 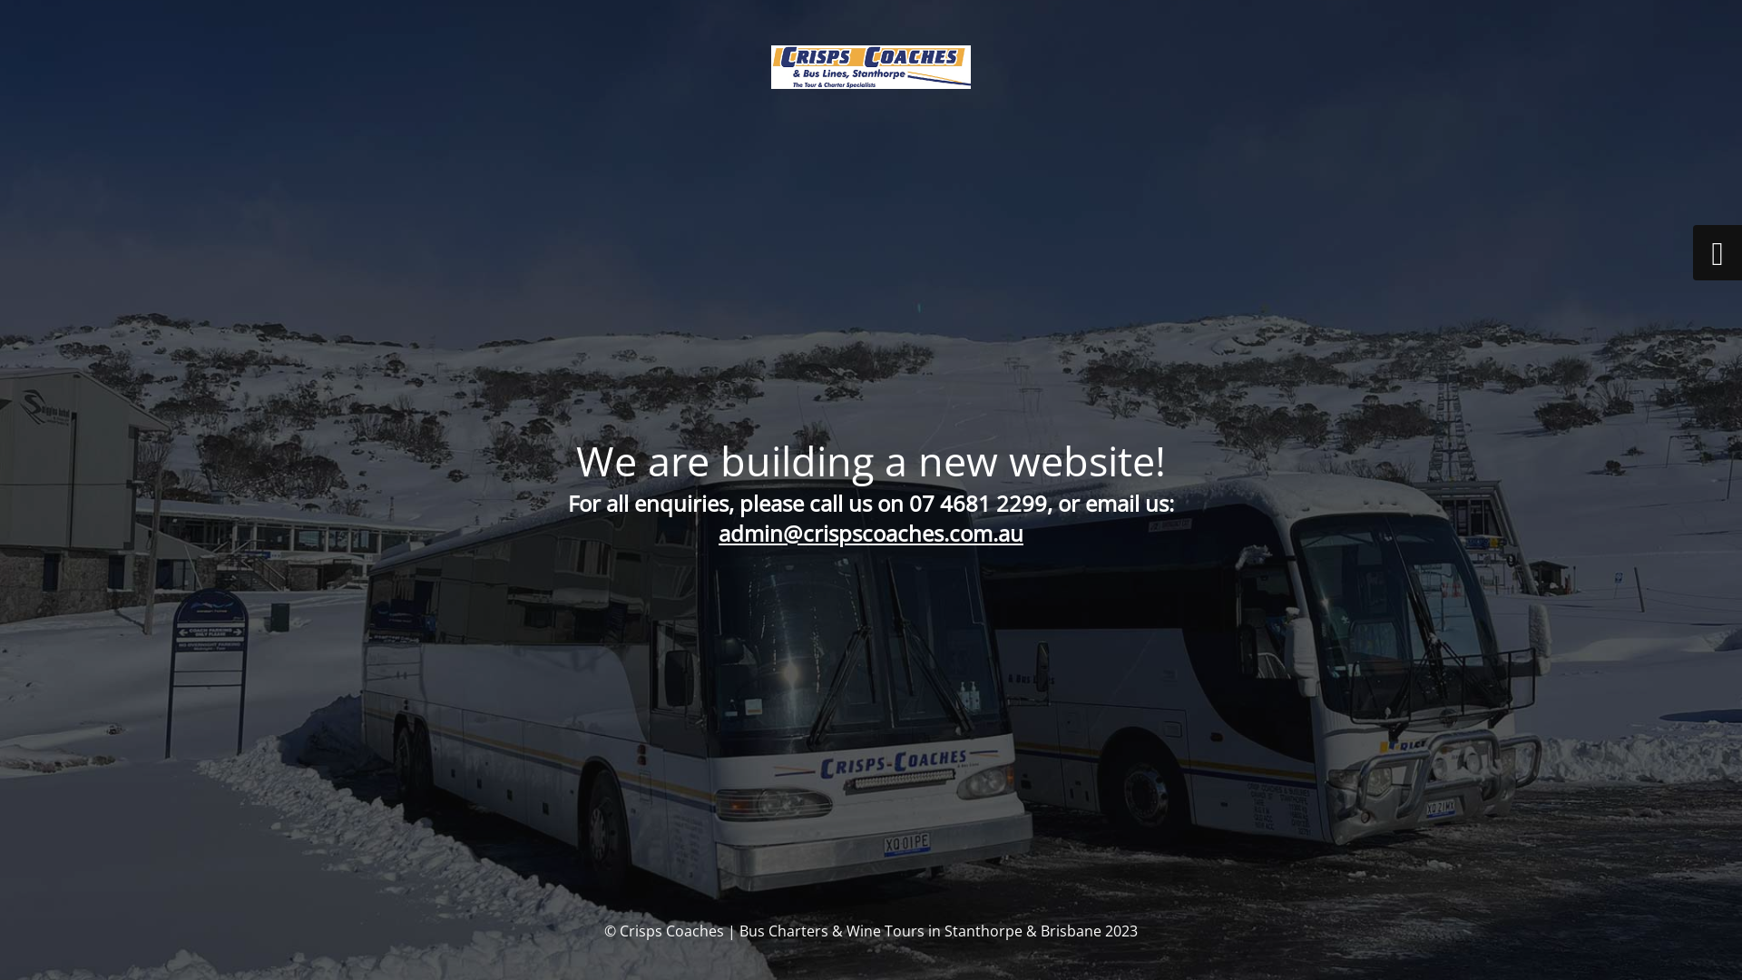 I want to click on 'admin@crispscoaches.com.au', so click(x=871, y=531).